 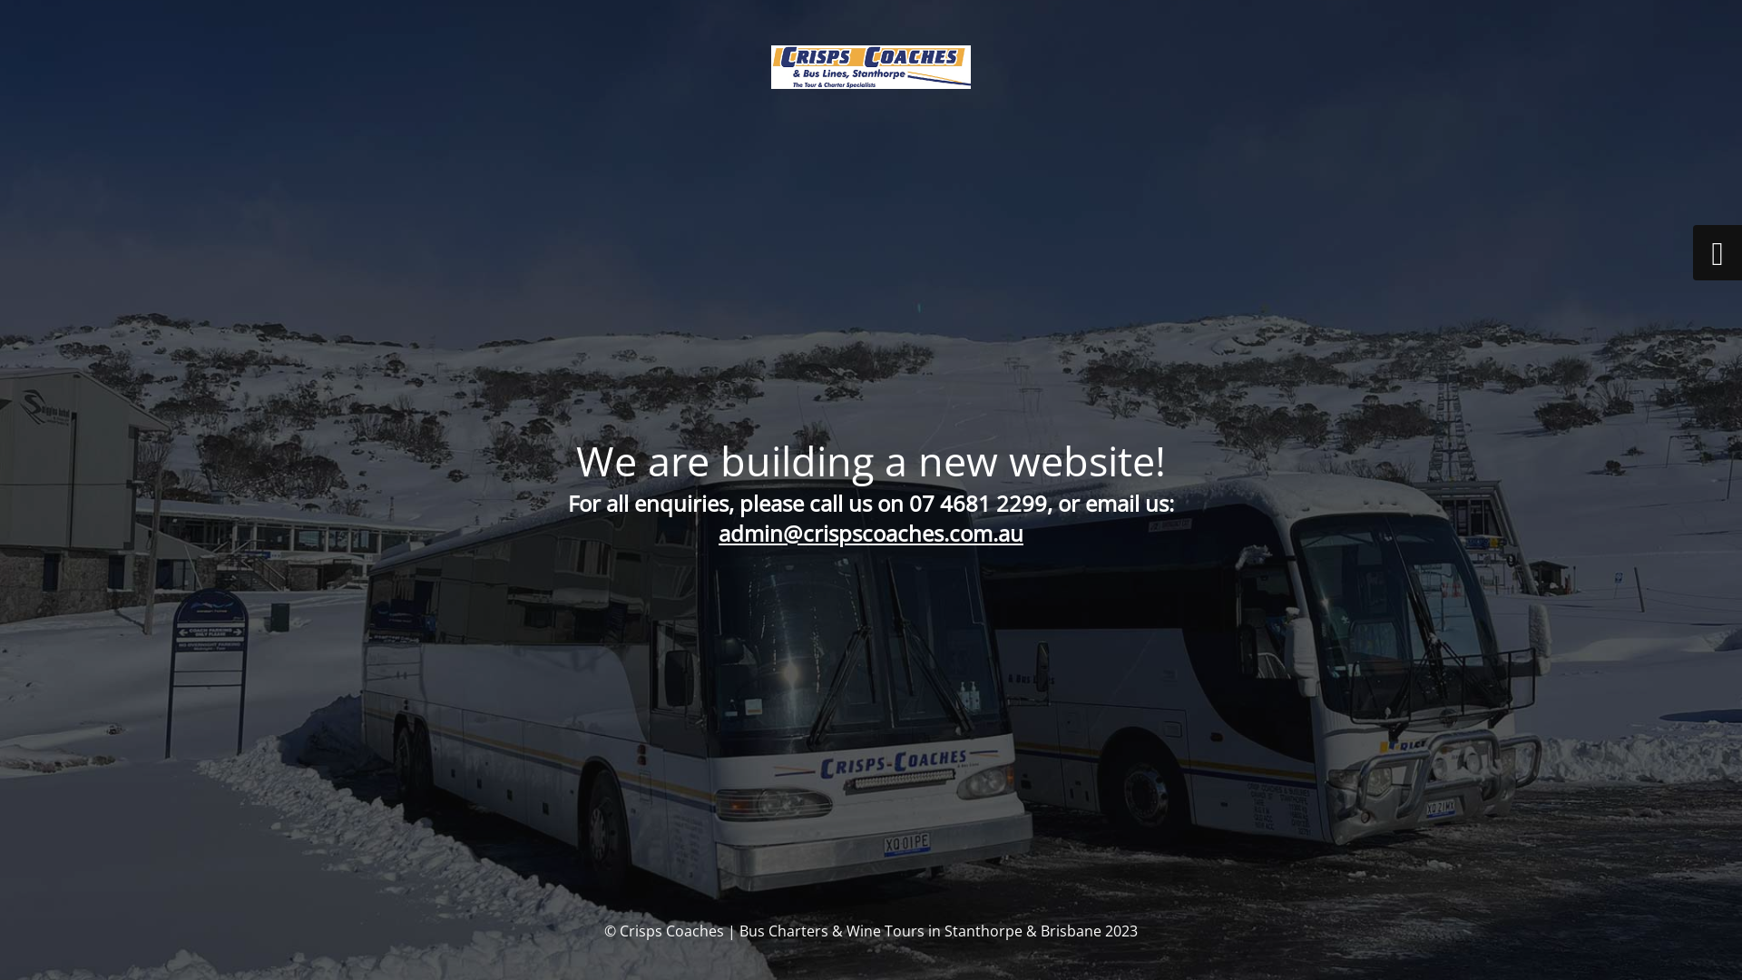 I want to click on 'admin@crispscoaches.com.au', so click(x=871, y=531).